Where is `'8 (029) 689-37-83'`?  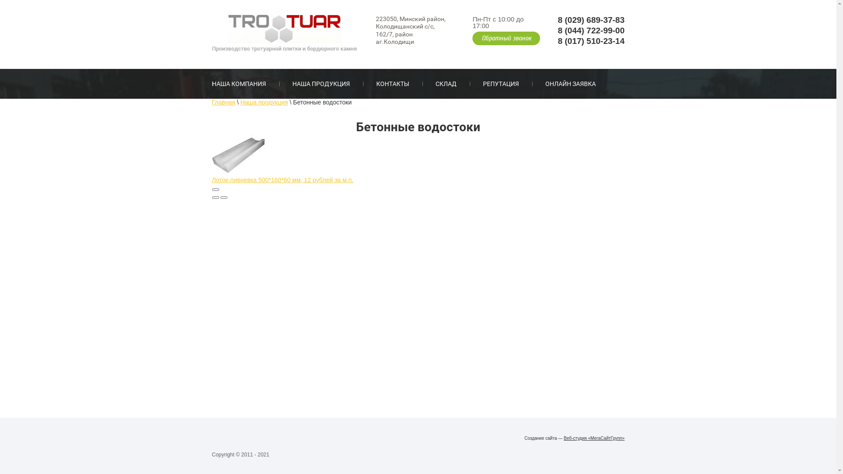 '8 (029) 689-37-83' is located at coordinates (591, 20).